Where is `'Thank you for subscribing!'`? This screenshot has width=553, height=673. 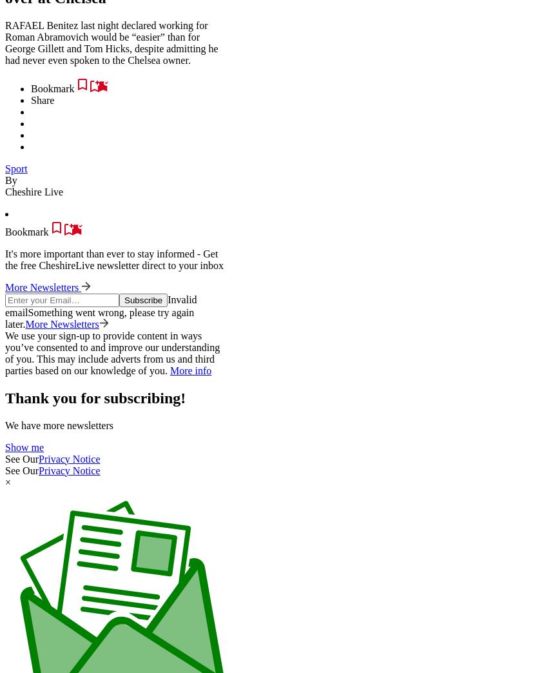 'Thank you for subscribing!' is located at coordinates (95, 396).